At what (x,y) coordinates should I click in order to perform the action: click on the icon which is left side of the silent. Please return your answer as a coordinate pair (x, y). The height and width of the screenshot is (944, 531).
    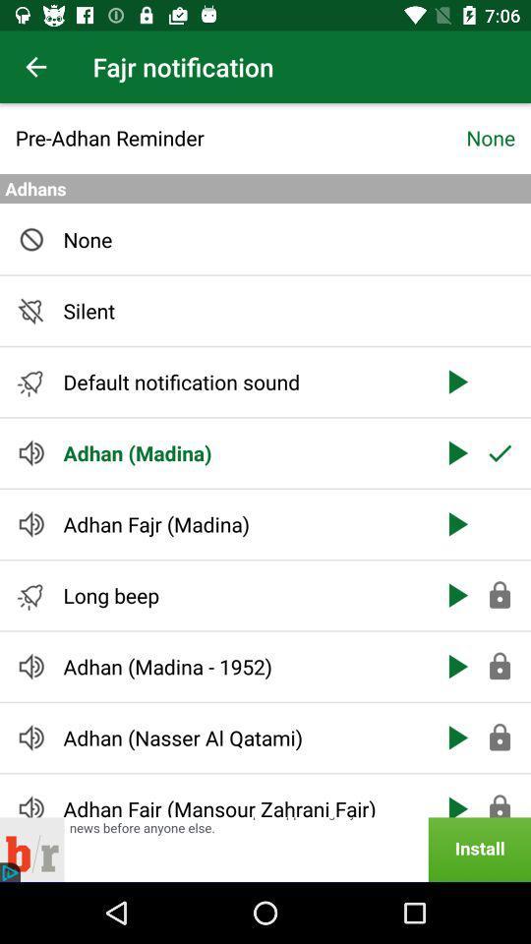
    Looking at the image, I should click on (30, 311).